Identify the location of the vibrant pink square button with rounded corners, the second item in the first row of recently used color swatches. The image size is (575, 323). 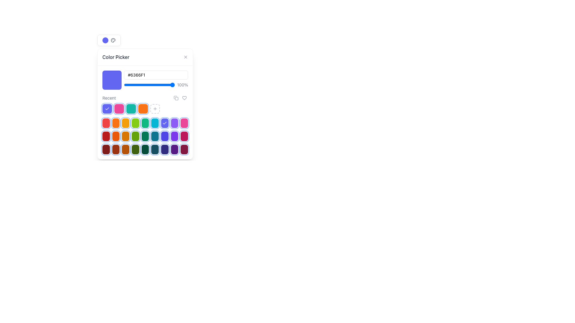
(119, 109).